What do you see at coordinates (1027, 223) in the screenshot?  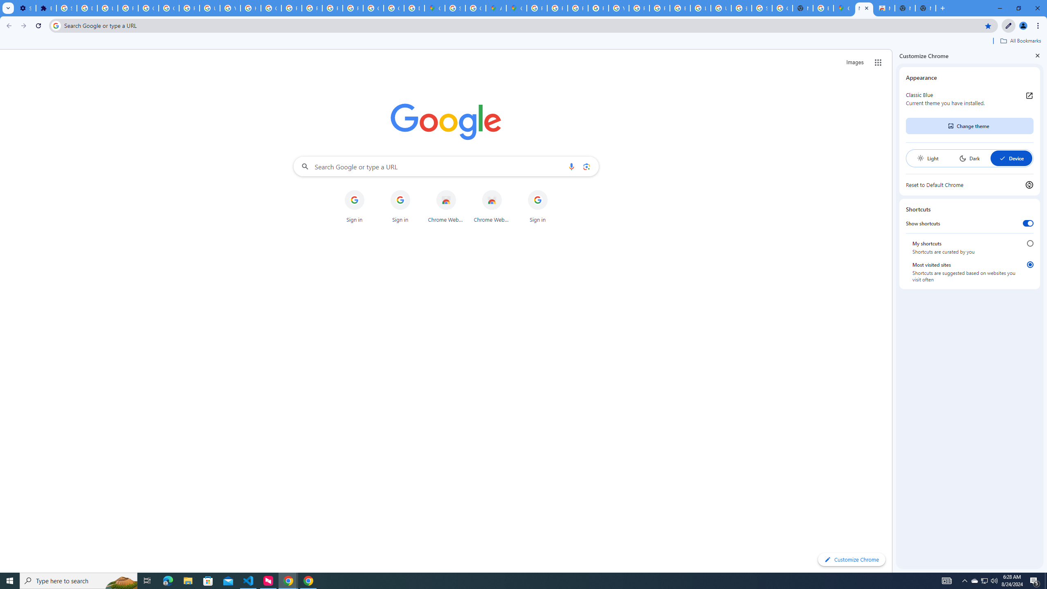 I see `'Show shortcuts'` at bounding box center [1027, 223].